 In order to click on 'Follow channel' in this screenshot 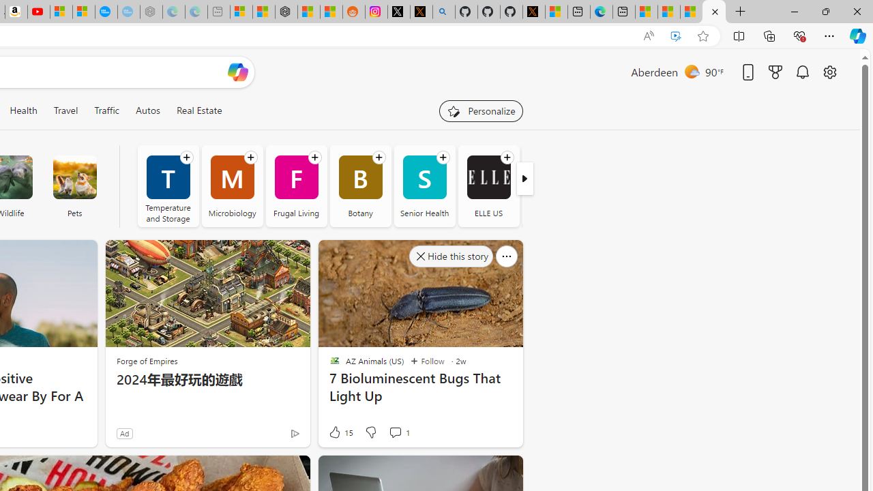, I will do `click(506, 157)`.